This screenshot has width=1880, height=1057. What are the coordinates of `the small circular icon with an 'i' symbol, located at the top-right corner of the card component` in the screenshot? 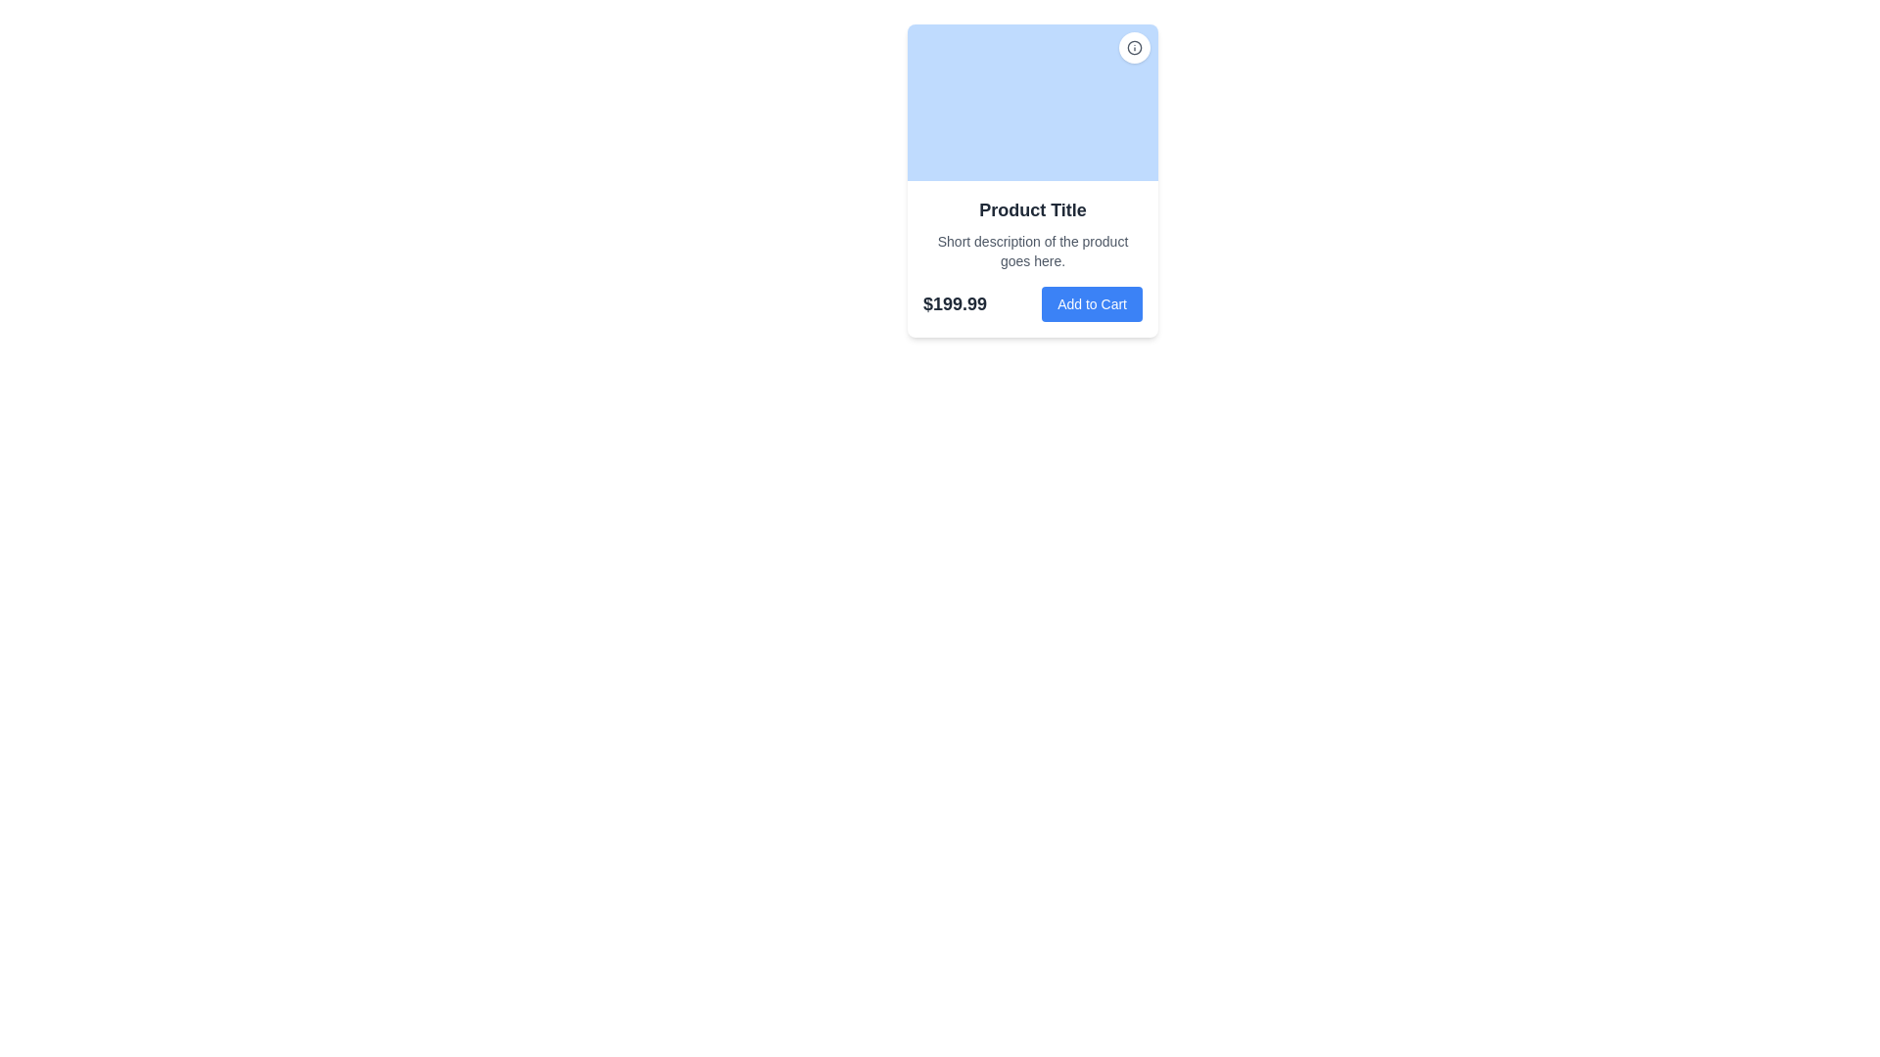 It's located at (1134, 47).